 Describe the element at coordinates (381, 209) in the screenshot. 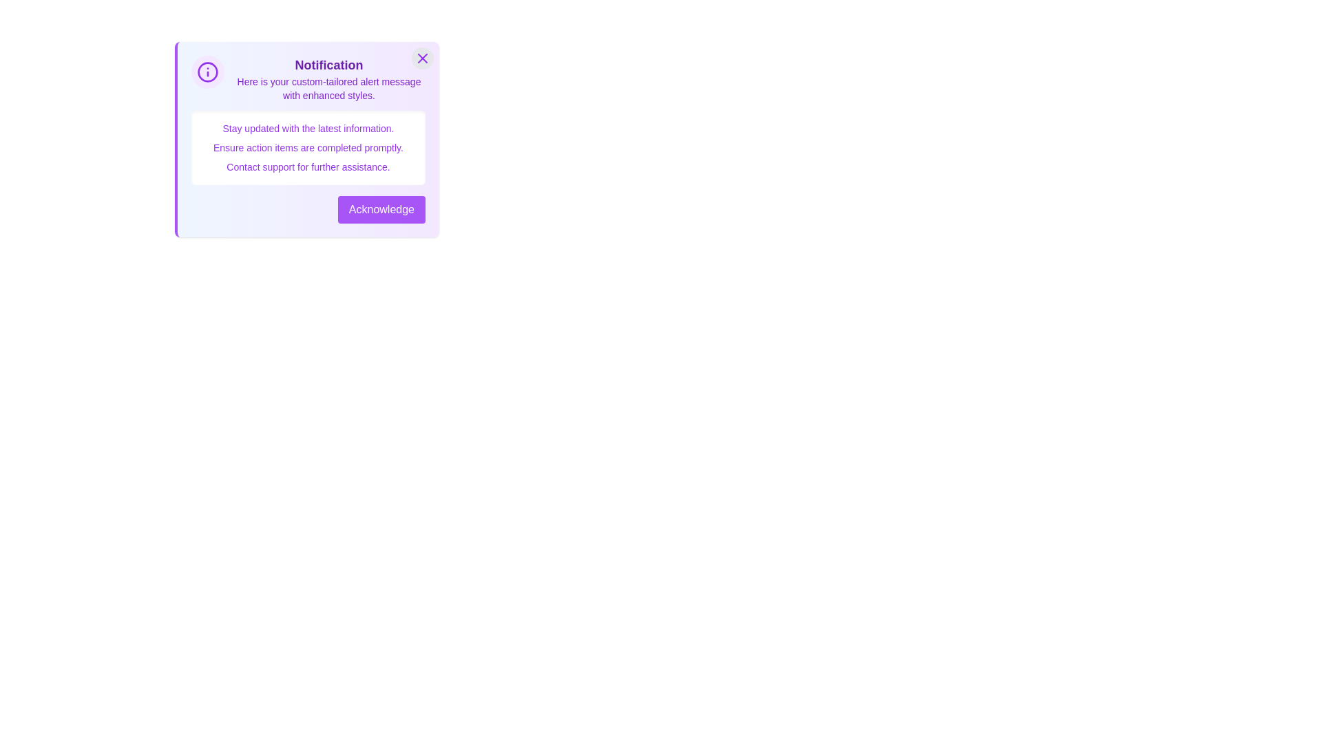

I see `the 'Acknowledge' button to acknowledge the alert` at that location.